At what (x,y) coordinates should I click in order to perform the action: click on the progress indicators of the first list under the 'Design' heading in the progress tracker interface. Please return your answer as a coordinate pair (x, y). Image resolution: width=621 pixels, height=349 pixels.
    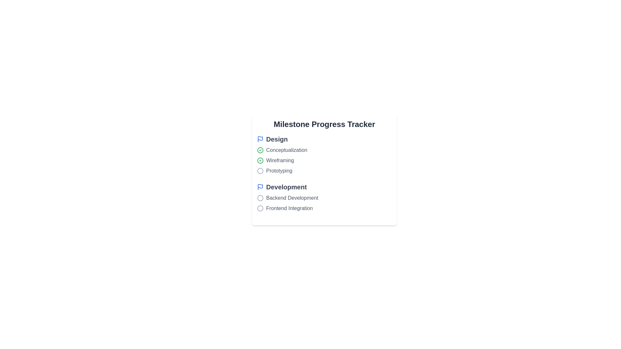
    Looking at the image, I should click on (324, 160).